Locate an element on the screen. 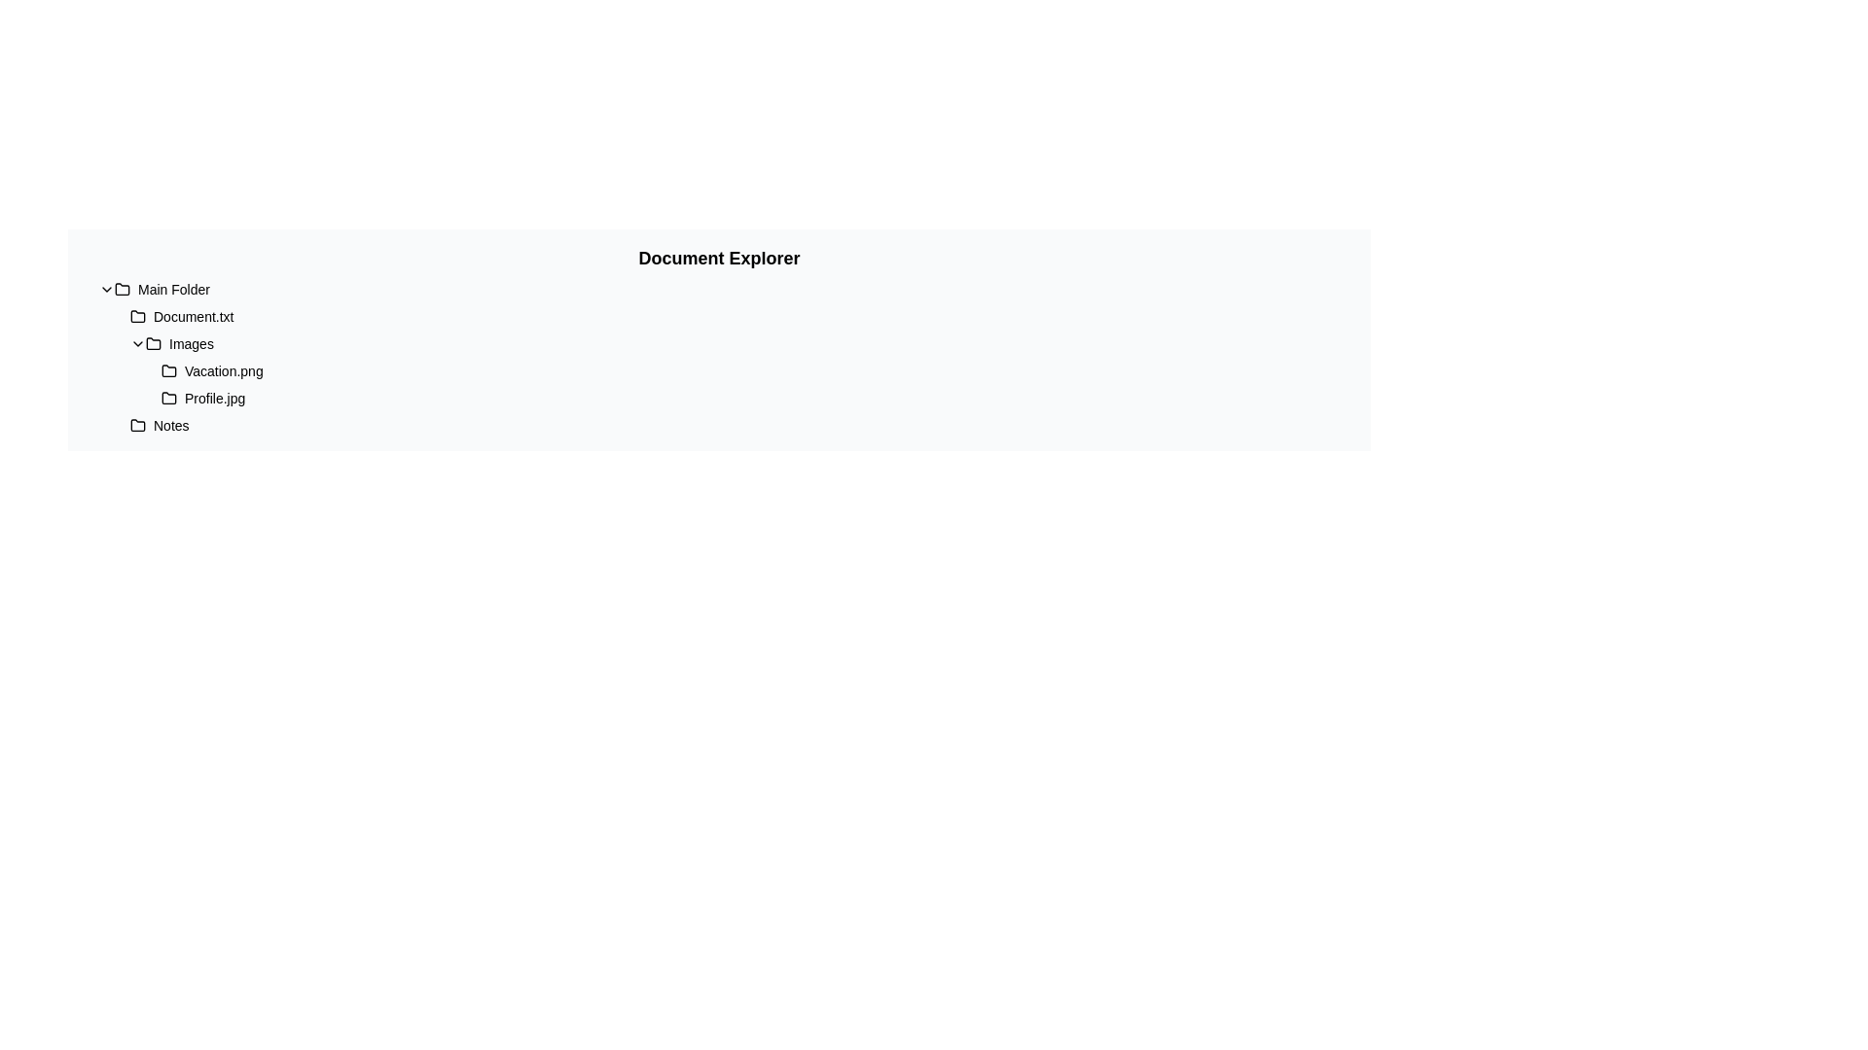 This screenshot has width=1868, height=1050. the 'Images' text label located within the 'Document.txt' folder in the document explorer interface is located at coordinates (191, 343).